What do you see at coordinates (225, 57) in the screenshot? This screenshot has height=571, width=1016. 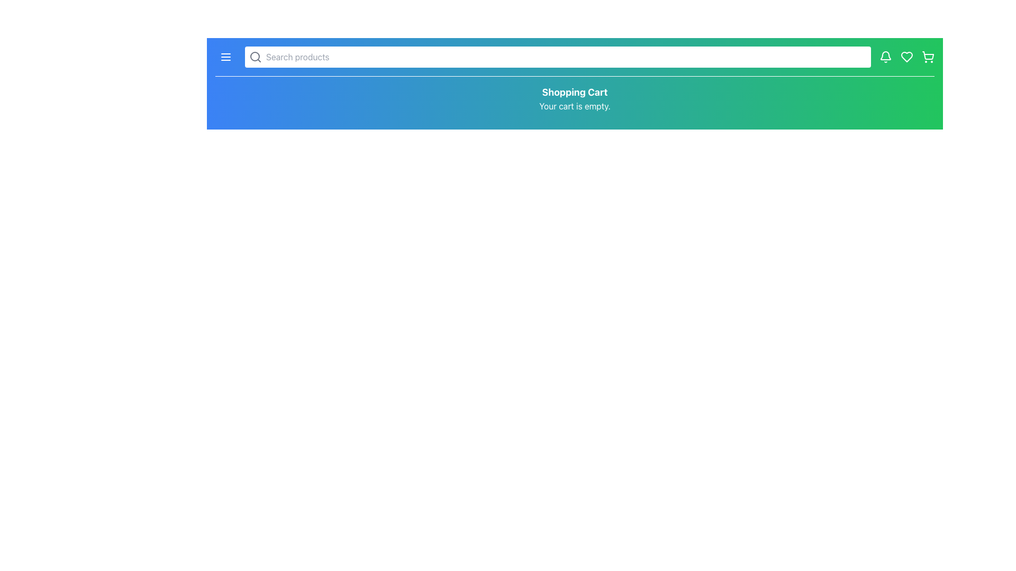 I see `the menu toggle button located at the top-left corner of the interface in the blue header bar` at bounding box center [225, 57].